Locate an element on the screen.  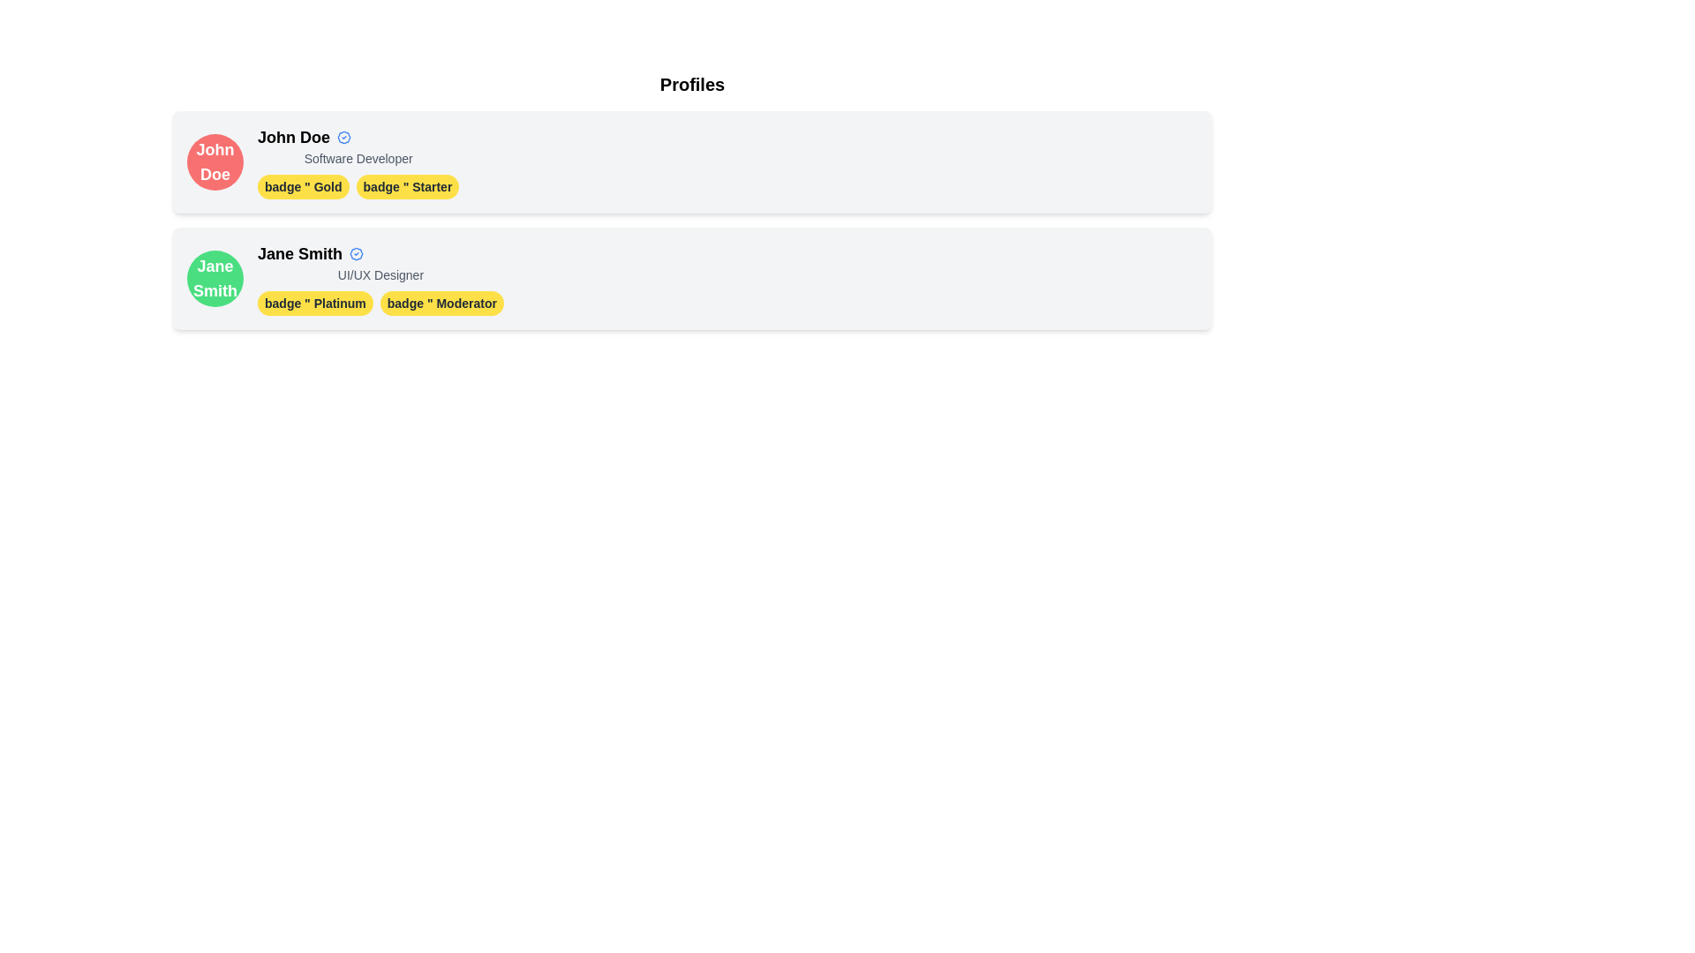
the yellow badge labeled 'badge " Platinum' located in the profile information of 'Jane Smith', positioned to the left of 'badge " Moderator' is located at coordinates (315, 302).